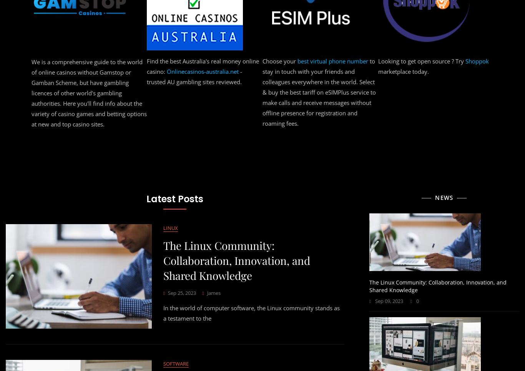 This screenshot has width=525, height=371. What do you see at coordinates (58, 61) in the screenshot?
I see `'nettcasino.com'` at bounding box center [58, 61].